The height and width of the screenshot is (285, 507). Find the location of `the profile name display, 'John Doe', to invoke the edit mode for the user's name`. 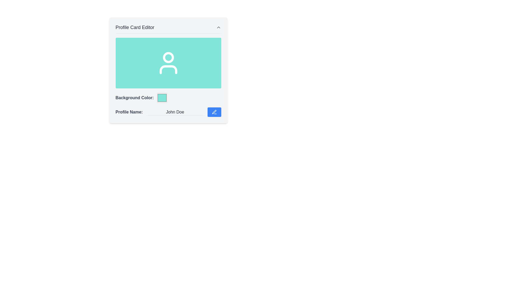

the profile name display, 'John Doe', to invoke the edit mode for the user's name is located at coordinates (175, 112).